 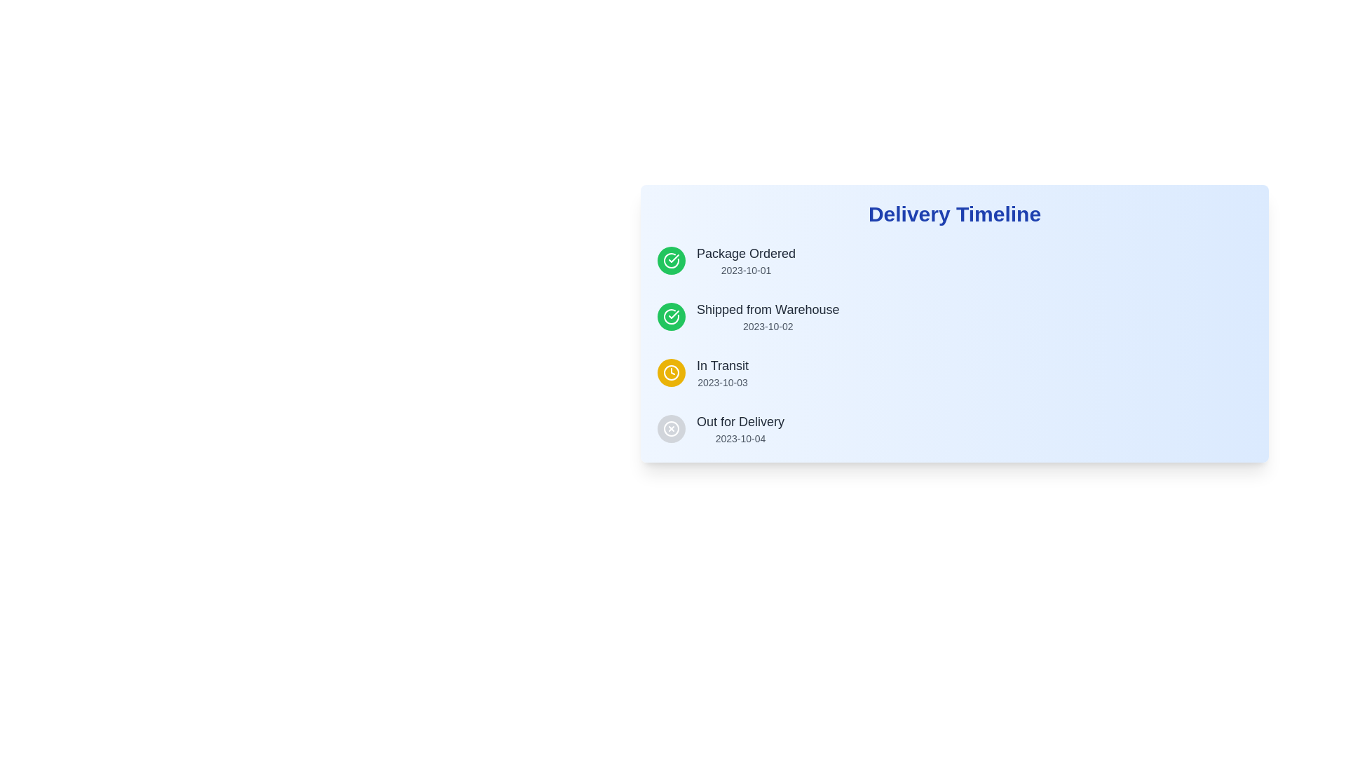 I want to click on the 'Out for Delivery' status icon in the delivery timeline, so click(x=671, y=428).